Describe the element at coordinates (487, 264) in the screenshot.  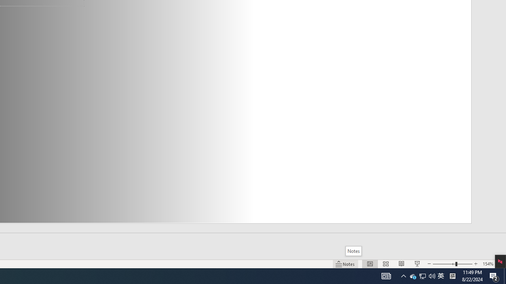
I see `'Zoom 154%'` at that location.